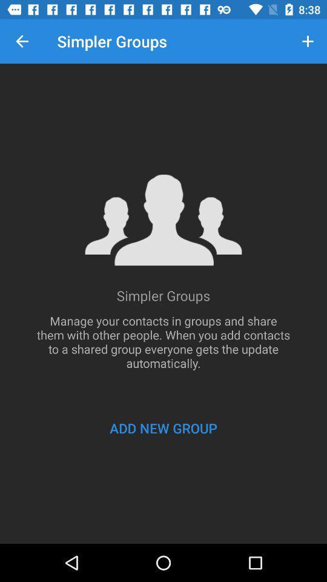 This screenshot has height=582, width=327. Describe the element at coordinates (308, 41) in the screenshot. I see `item next to the simpler groups` at that location.